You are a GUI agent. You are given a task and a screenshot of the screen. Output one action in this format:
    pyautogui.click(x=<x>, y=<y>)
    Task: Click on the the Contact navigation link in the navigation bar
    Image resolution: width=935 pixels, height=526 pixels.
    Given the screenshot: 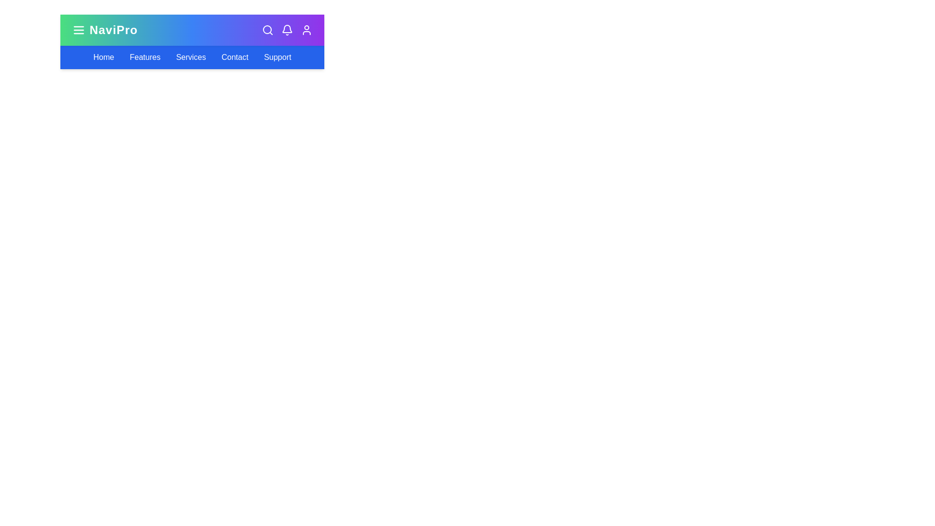 What is the action you would take?
    pyautogui.click(x=234, y=57)
    